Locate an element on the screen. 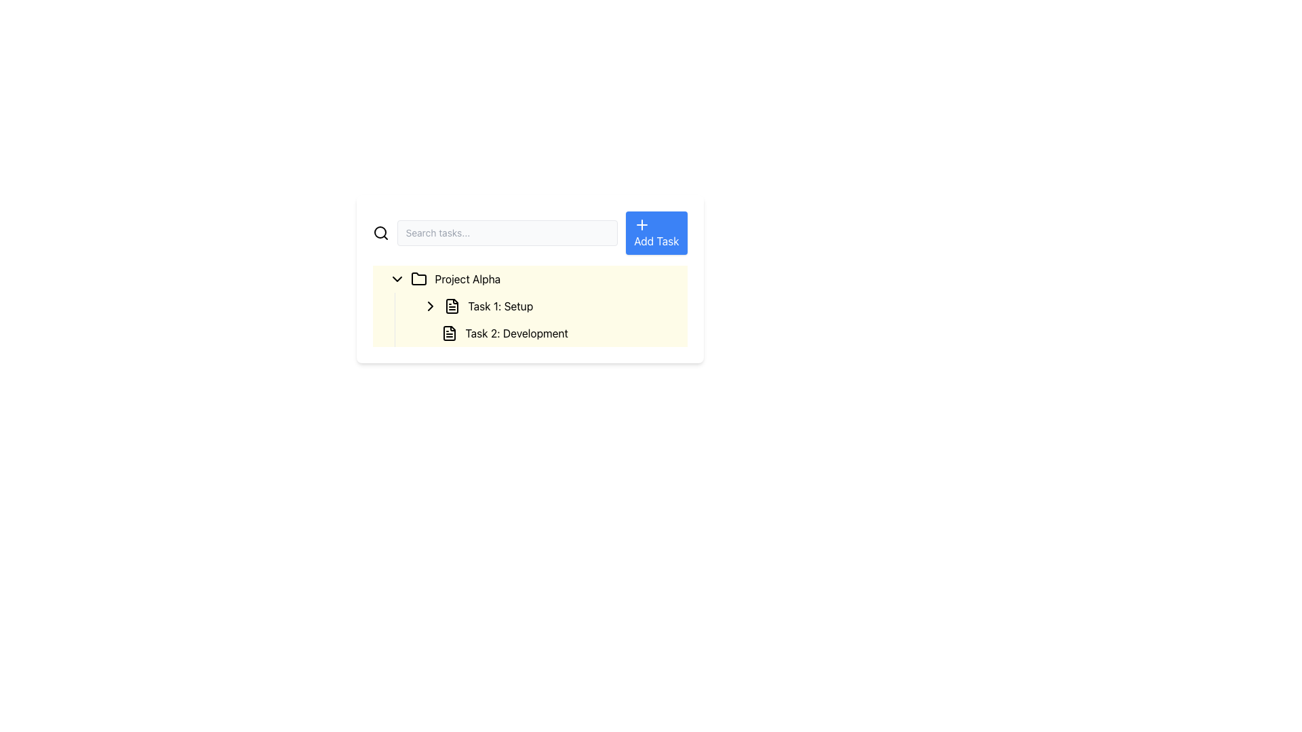 The height and width of the screenshot is (732, 1302). the folder icon, which has a classic folder shape with rounded edges and is located to the left of the text 'Project Alpha' is located at coordinates (418, 279).